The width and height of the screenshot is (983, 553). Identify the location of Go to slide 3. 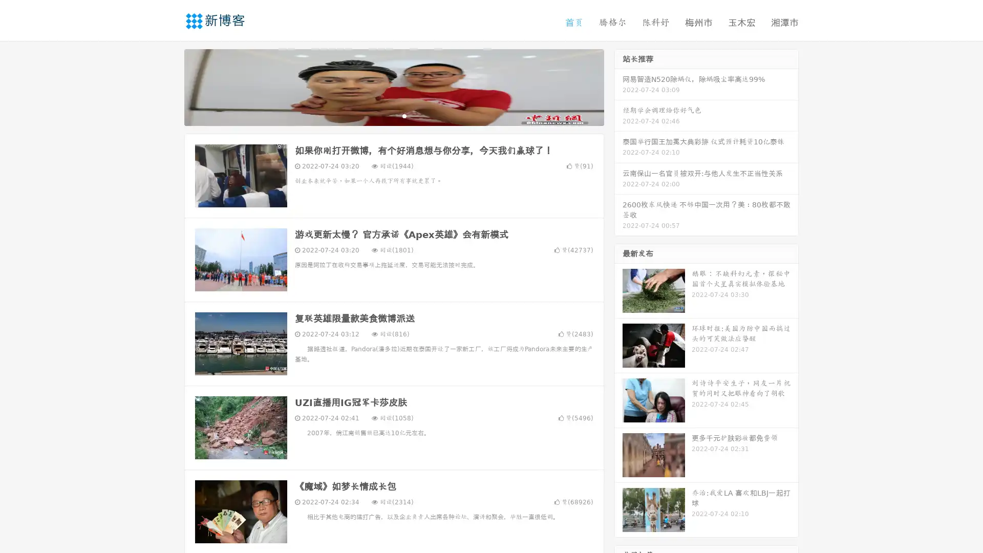
(404, 115).